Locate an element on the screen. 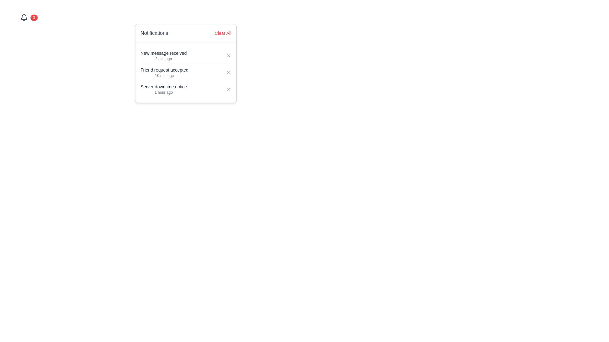 This screenshot has height=342, width=609. the Text Label that displays the time elapsed since the 'Server downtime notice' notification is located at coordinates (164, 92).